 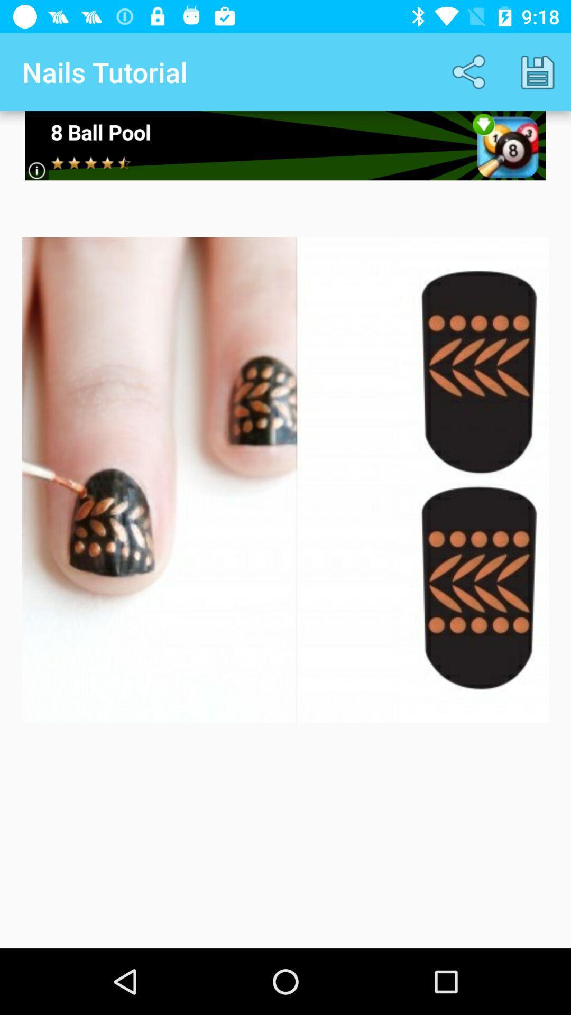 I want to click on games search, so click(x=284, y=145).